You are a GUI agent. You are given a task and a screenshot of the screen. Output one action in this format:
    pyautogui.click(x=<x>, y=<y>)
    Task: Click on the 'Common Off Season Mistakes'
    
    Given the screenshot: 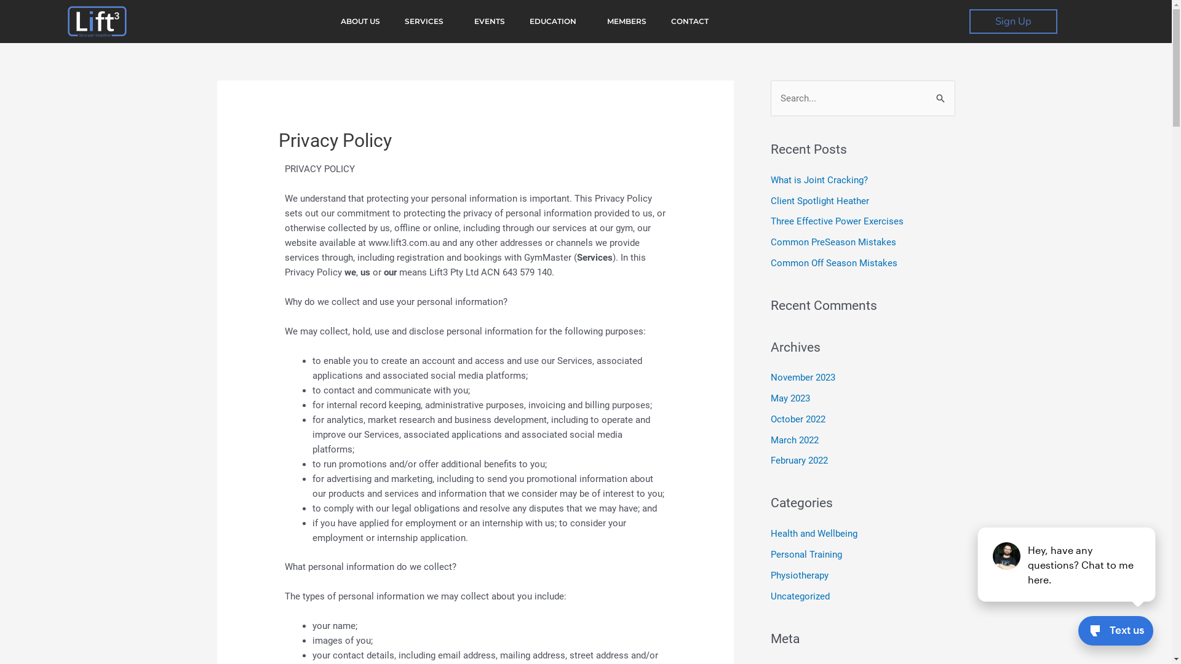 What is the action you would take?
    pyautogui.click(x=833, y=263)
    